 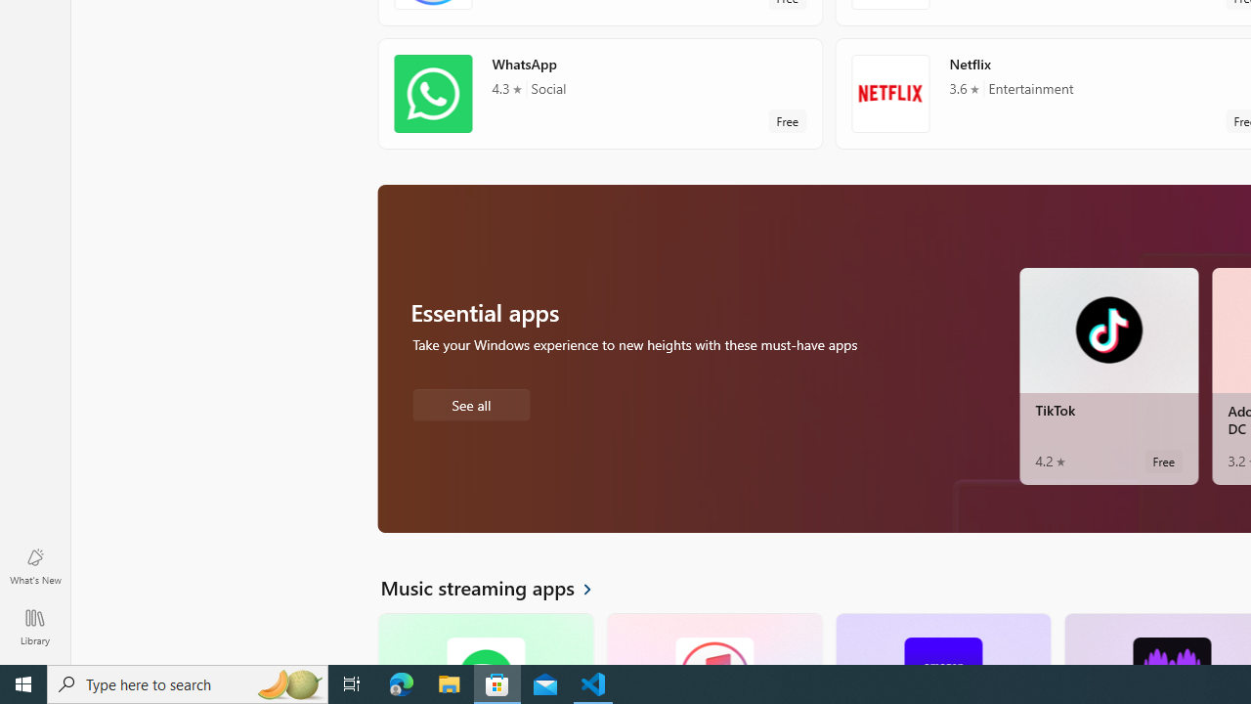 What do you see at coordinates (712, 638) in the screenshot?
I see `'iTunes. Average rating of 2.5 out of five stars. Free  '` at bounding box center [712, 638].